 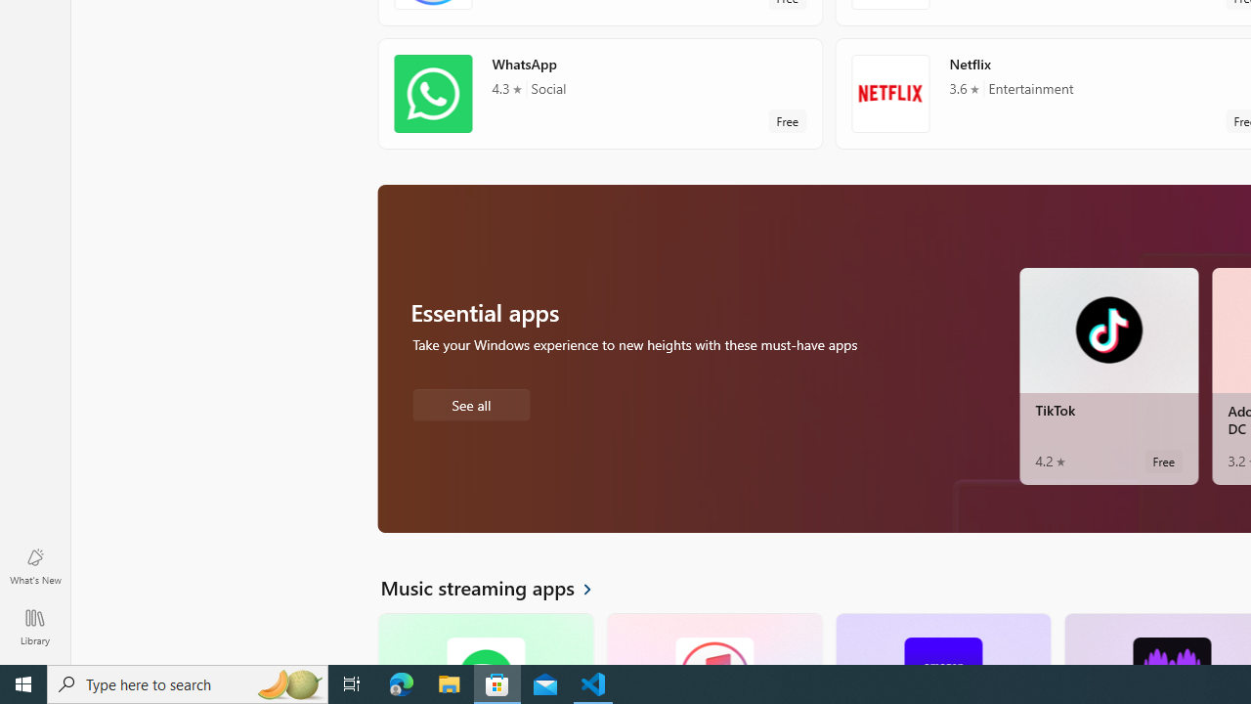 What do you see at coordinates (712, 638) in the screenshot?
I see `'iTunes. Average rating of 2.5 out of five stars. Free  '` at bounding box center [712, 638].